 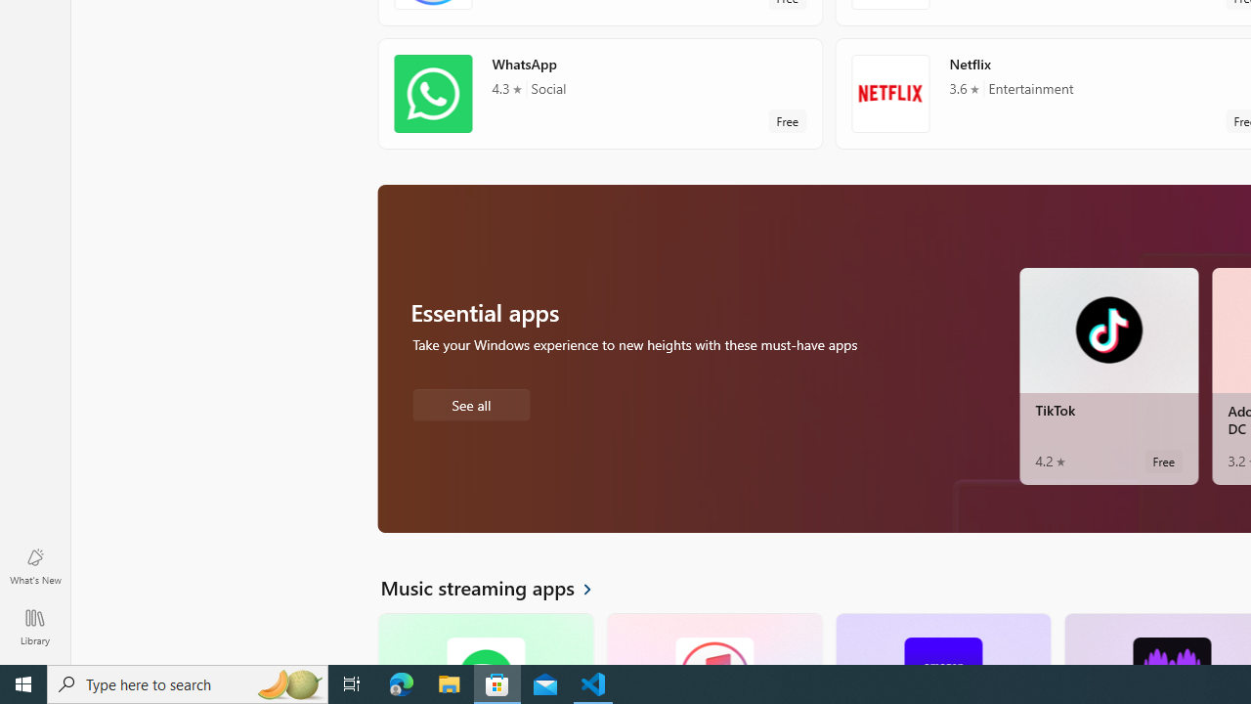 What do you see at coordinates (712, 638) in the screenshot?
I see `'iTunes. Average rating of 2.5 out of five stars. Free  '` at bounding box center [712, 638].